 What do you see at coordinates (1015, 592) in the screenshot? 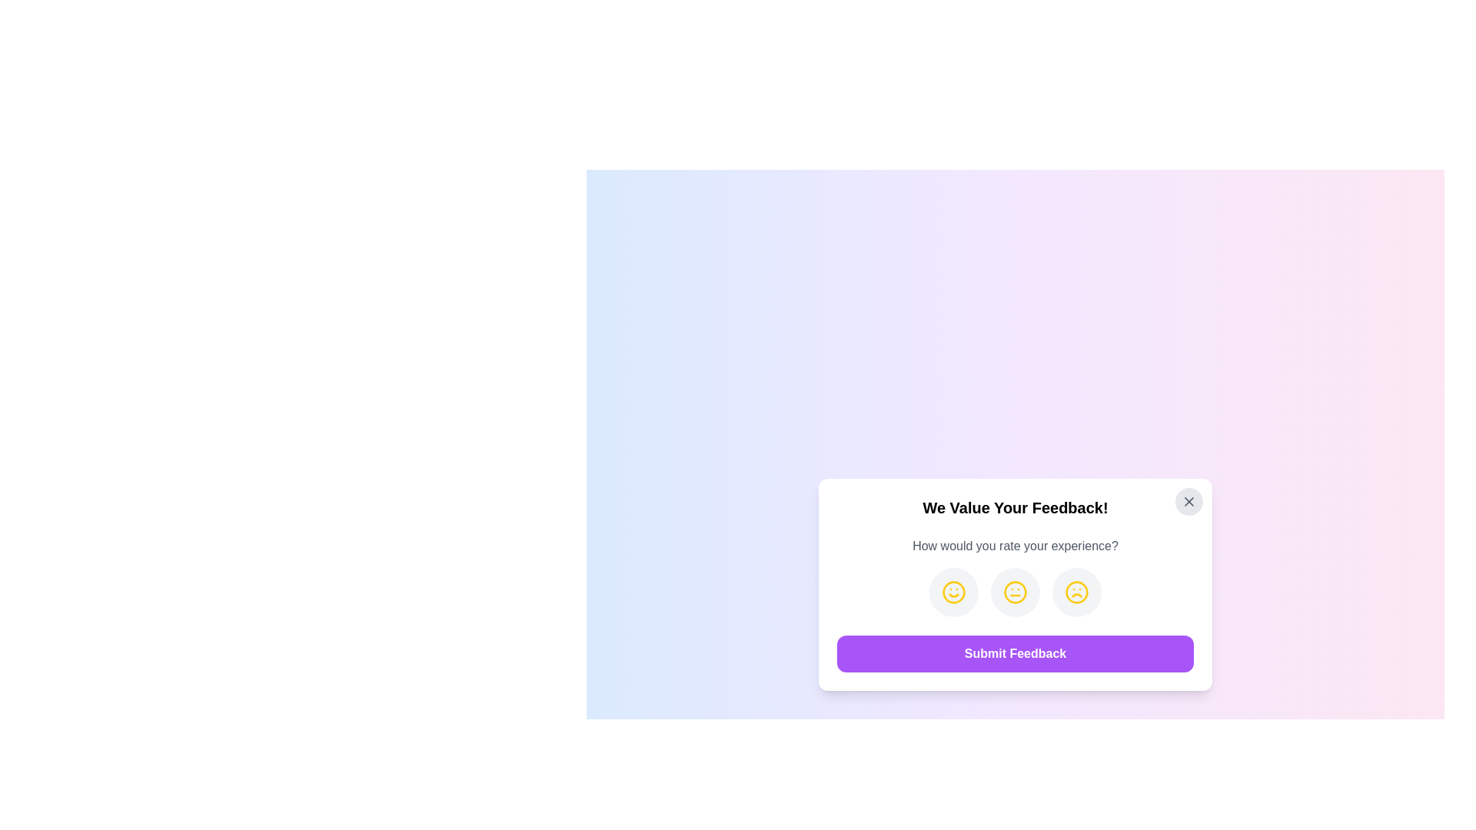
I see `the neutral face selectable icon in the feedback rating interface` at bounding box center [1015, 592].